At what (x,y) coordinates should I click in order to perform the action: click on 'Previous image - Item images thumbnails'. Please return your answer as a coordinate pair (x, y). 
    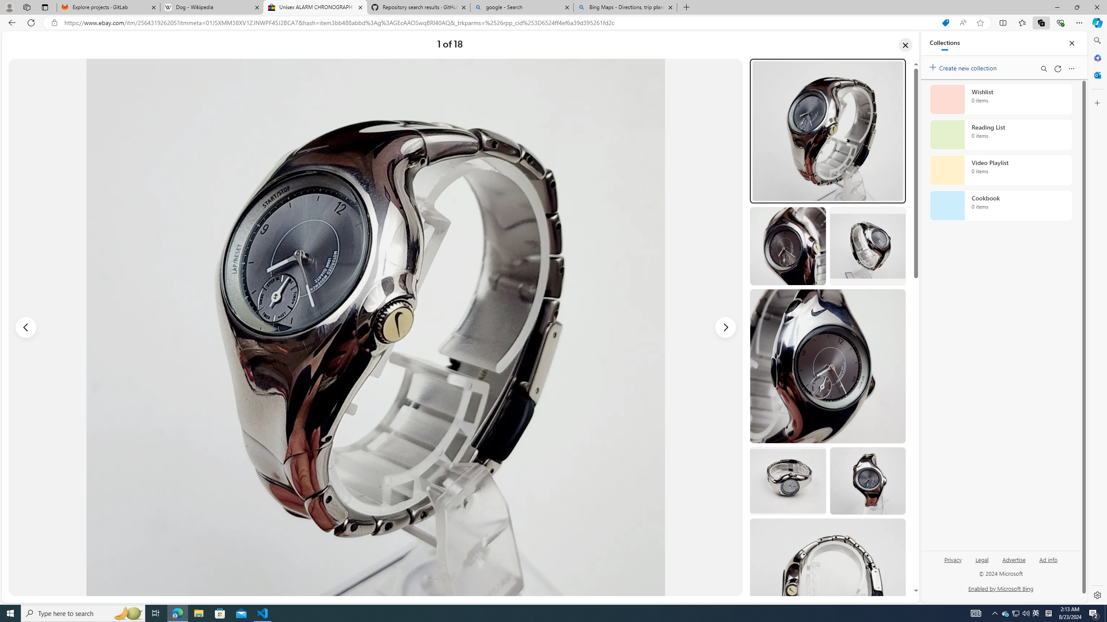
    Looking at the image, I should click on (26, 327).